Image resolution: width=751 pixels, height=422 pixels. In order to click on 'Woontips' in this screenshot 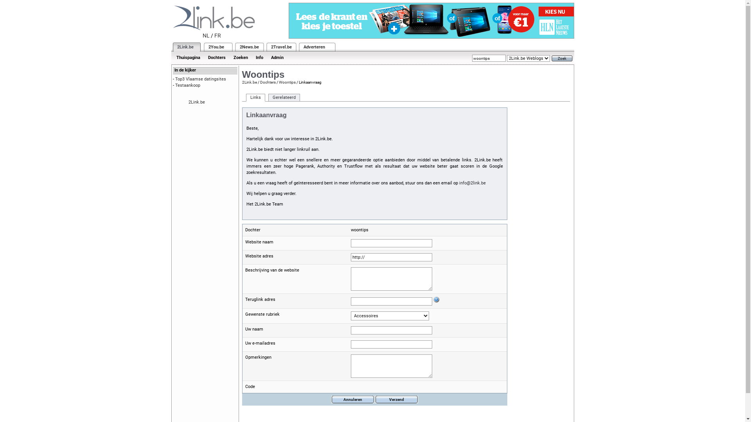, I will do `click(278, 82)`.